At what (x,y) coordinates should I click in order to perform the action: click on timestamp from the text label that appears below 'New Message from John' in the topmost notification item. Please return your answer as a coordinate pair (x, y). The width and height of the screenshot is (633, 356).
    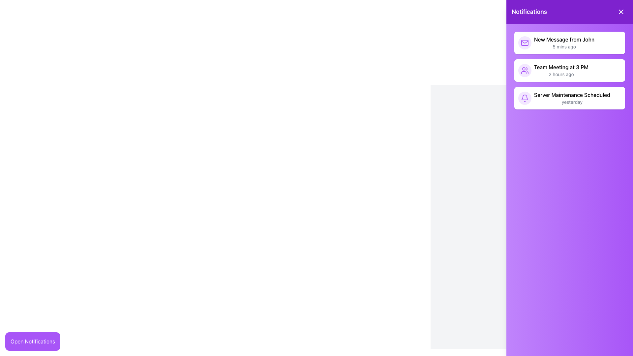
    Looking at the image, I should click on (564, 46).